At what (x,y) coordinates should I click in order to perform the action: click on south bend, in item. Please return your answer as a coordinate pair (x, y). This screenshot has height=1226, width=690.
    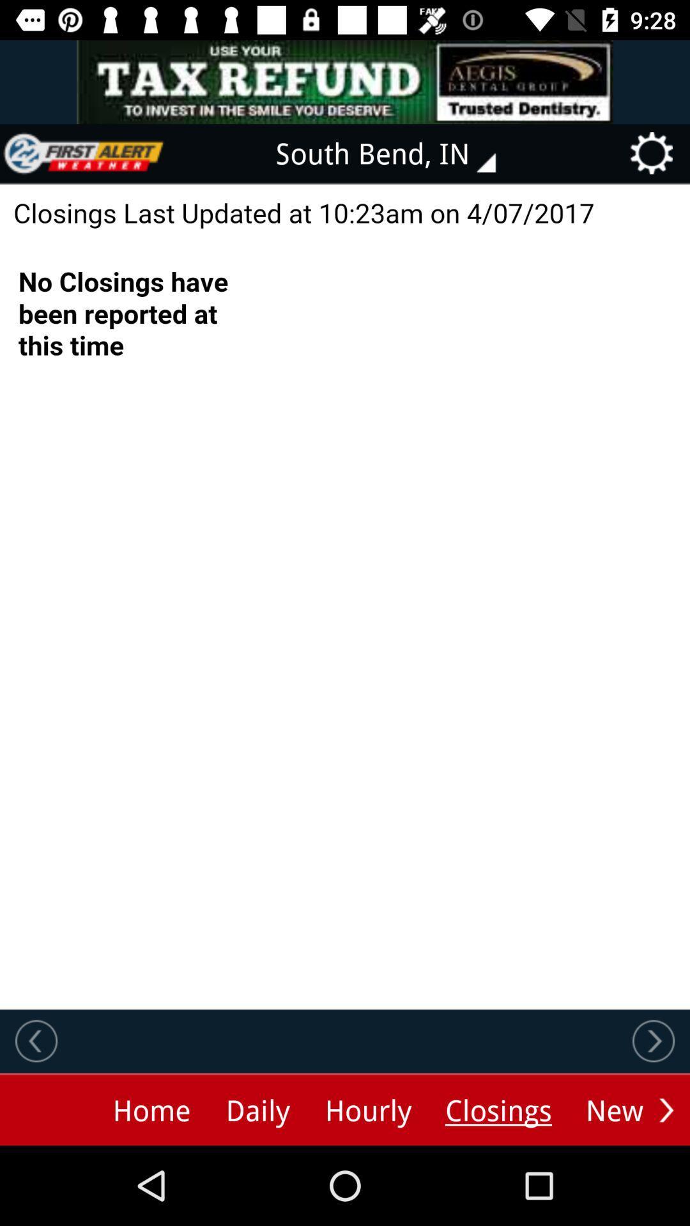
    Looking at the image, I should click on (394, 153).